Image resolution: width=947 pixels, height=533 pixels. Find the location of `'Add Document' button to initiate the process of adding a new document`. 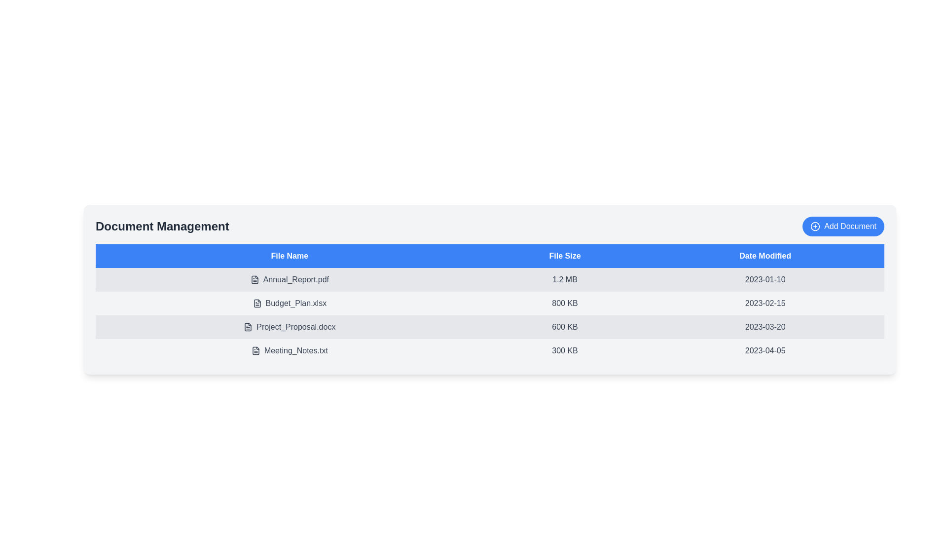

'Add Document' button to initiate the process of adding a new document is located at coordinates (842, 227).